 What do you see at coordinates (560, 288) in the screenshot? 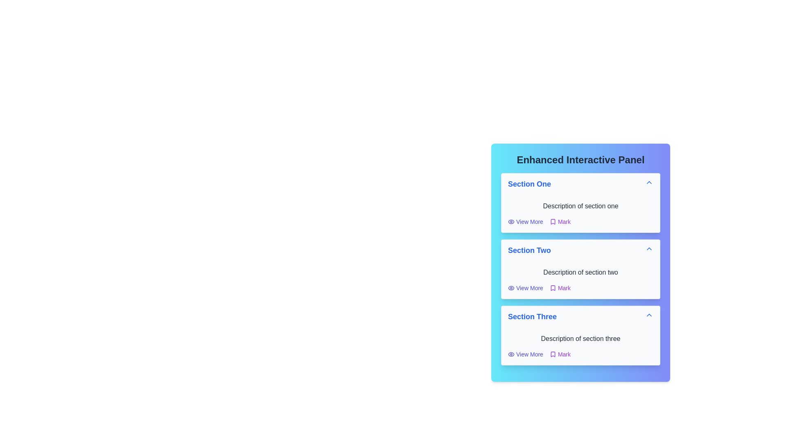
I see `the second button in the 'Section Two' UI group that features a bookmark icon and the text 'Mark'` at bounding box center [560, 288].